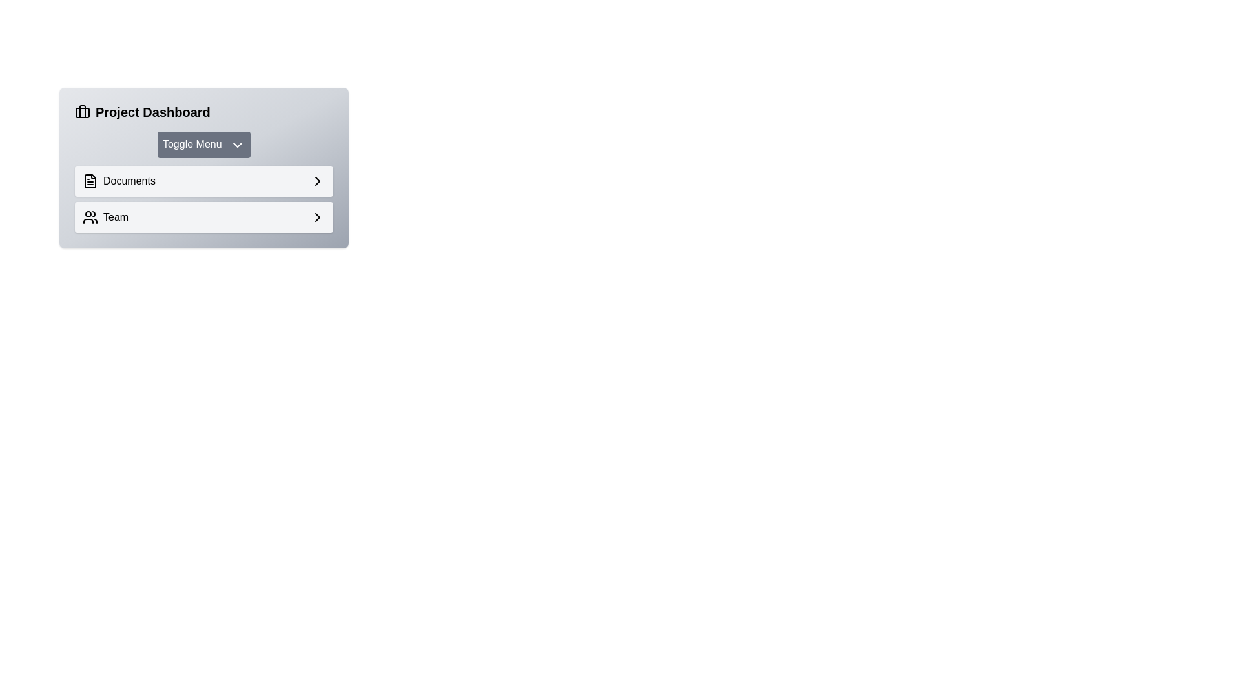 This screenshot has width=1240, height=697. Describe the element at coordinates (203, 144) in the screenshot. I see `the button that toggles the menu or dropdown list located under the heading 'Project Dashboard' and above the list items 'Documents' and 'Team' to observe its hover styling` at that location.